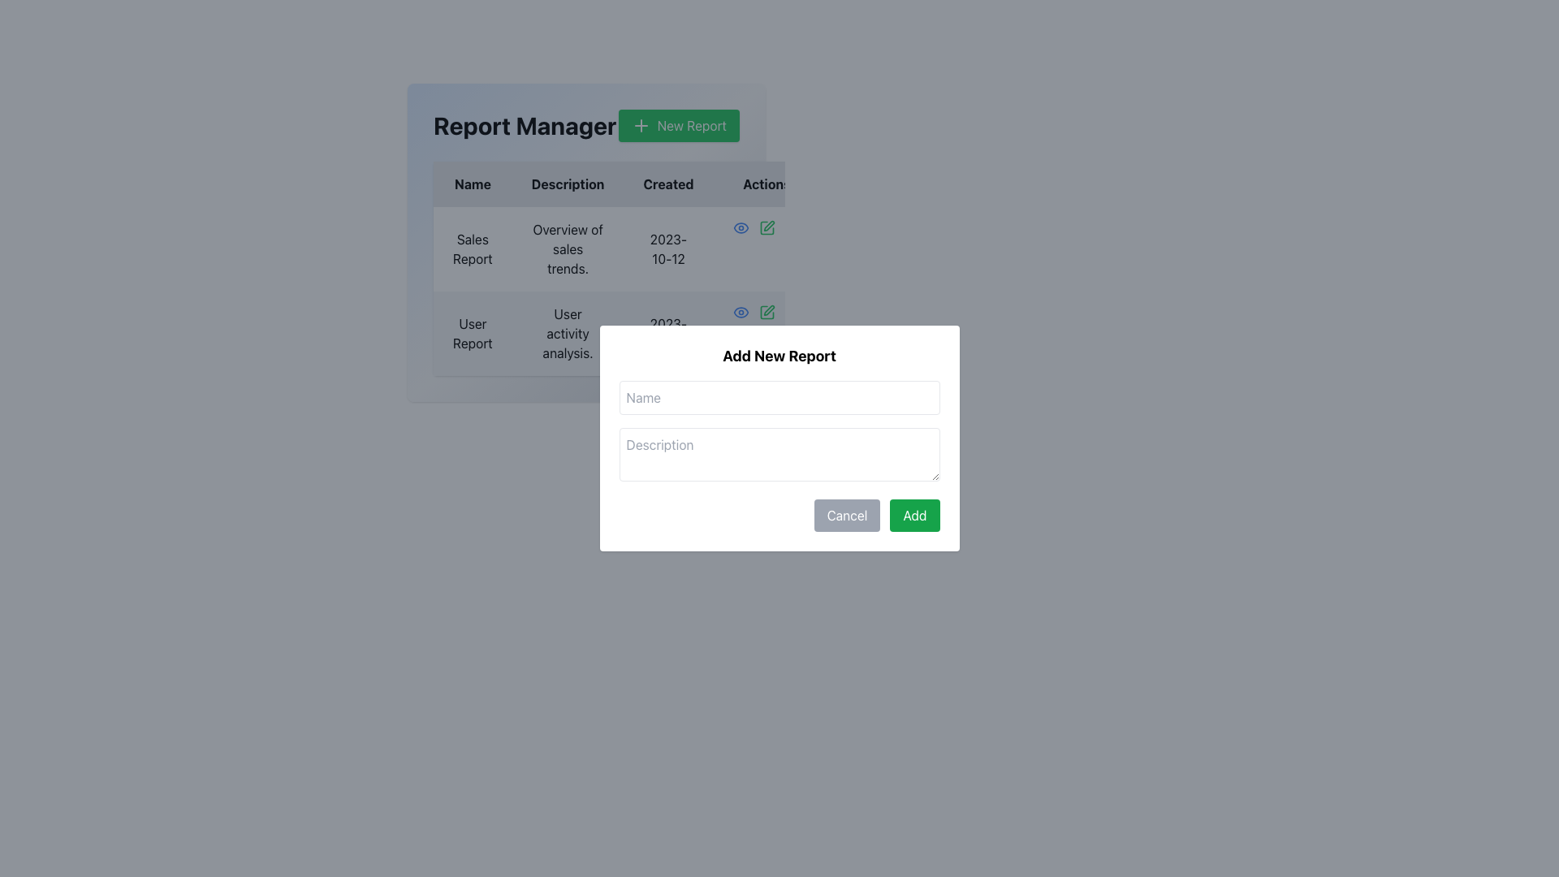  I want to click on the 'Cancel' button, which is a rectangular button with white uppercase text on a gray background, located at the bottom-right corner of a modal dialog, so click(846, 516).